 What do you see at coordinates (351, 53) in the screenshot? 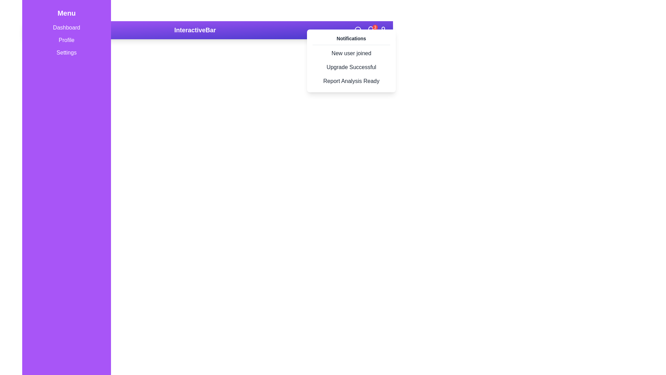
I see `the static text element that informs the user about a new user joining, located in the notification dropdown panel at the top-right corner of the interface` at bounding box center [351, 53].